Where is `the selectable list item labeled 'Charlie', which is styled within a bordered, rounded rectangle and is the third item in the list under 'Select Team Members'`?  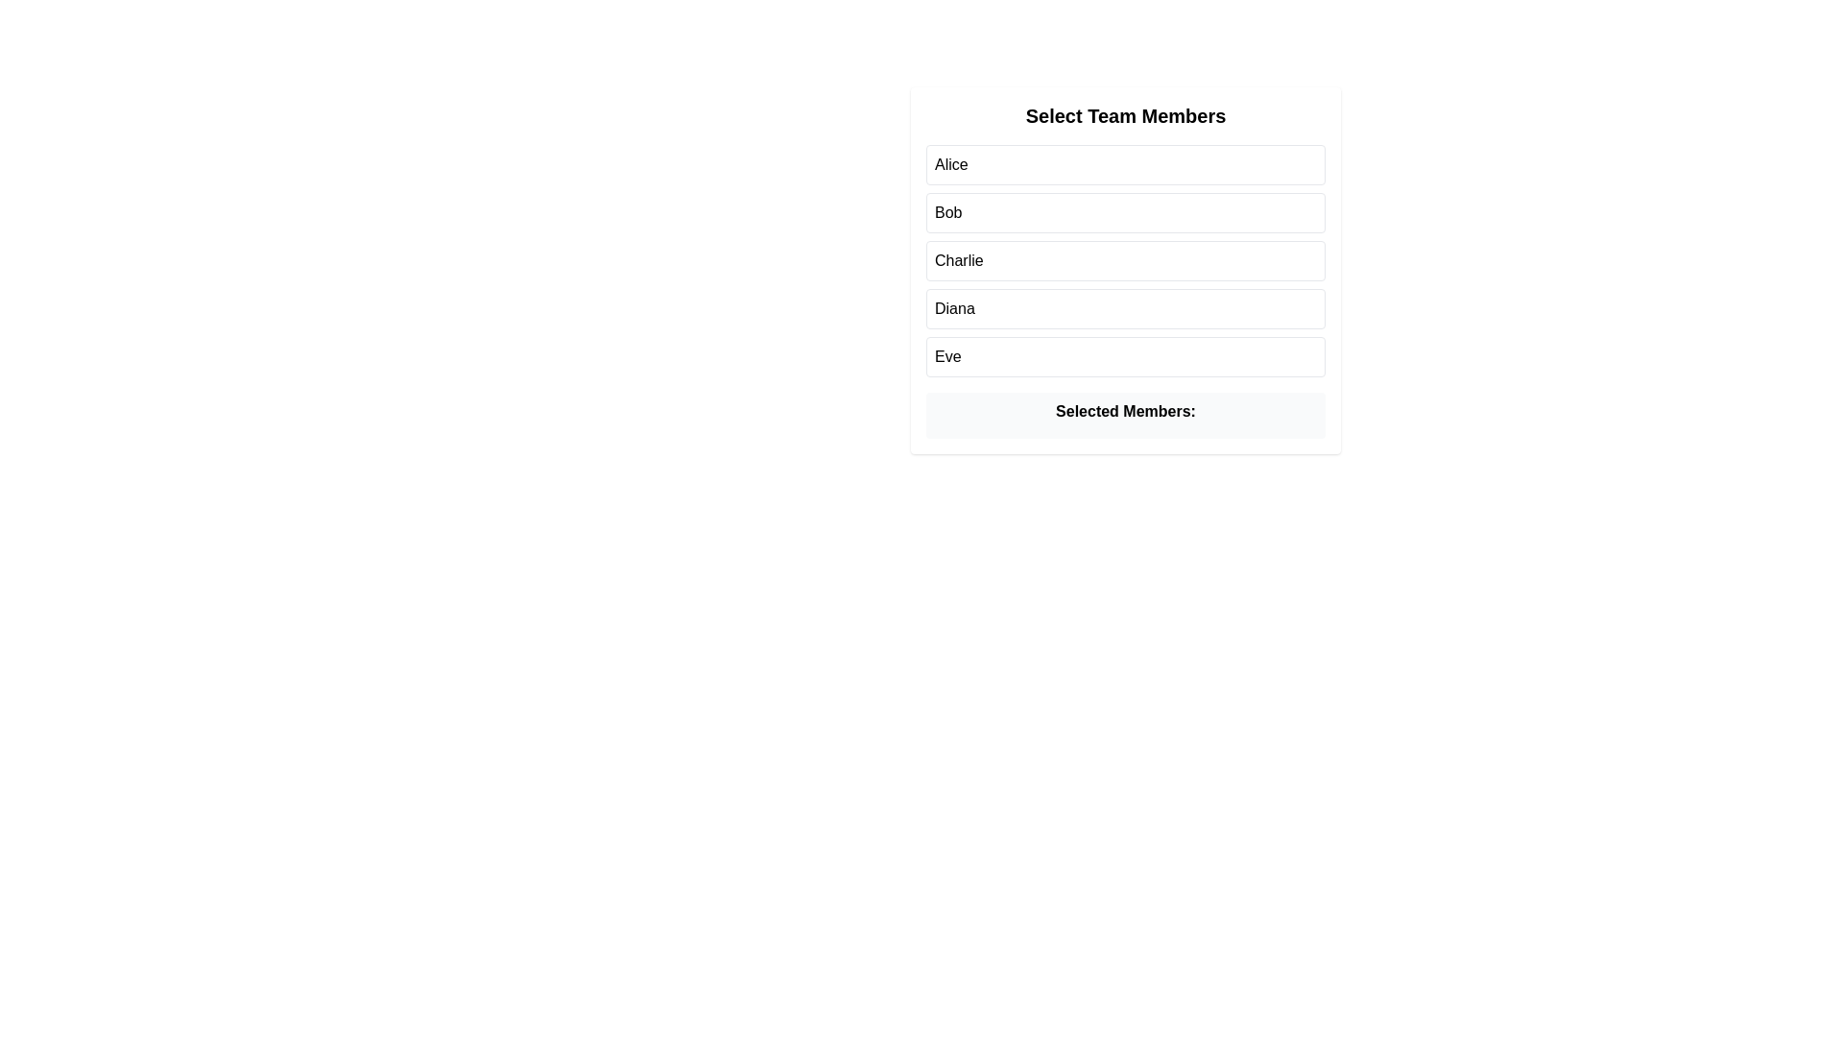 the selectable list item labeled 'Charlie', which is styled within a bordered, rounded rectangle and is the third item in the list under 'Select Team Members' is located at coordinates (1125, 270).